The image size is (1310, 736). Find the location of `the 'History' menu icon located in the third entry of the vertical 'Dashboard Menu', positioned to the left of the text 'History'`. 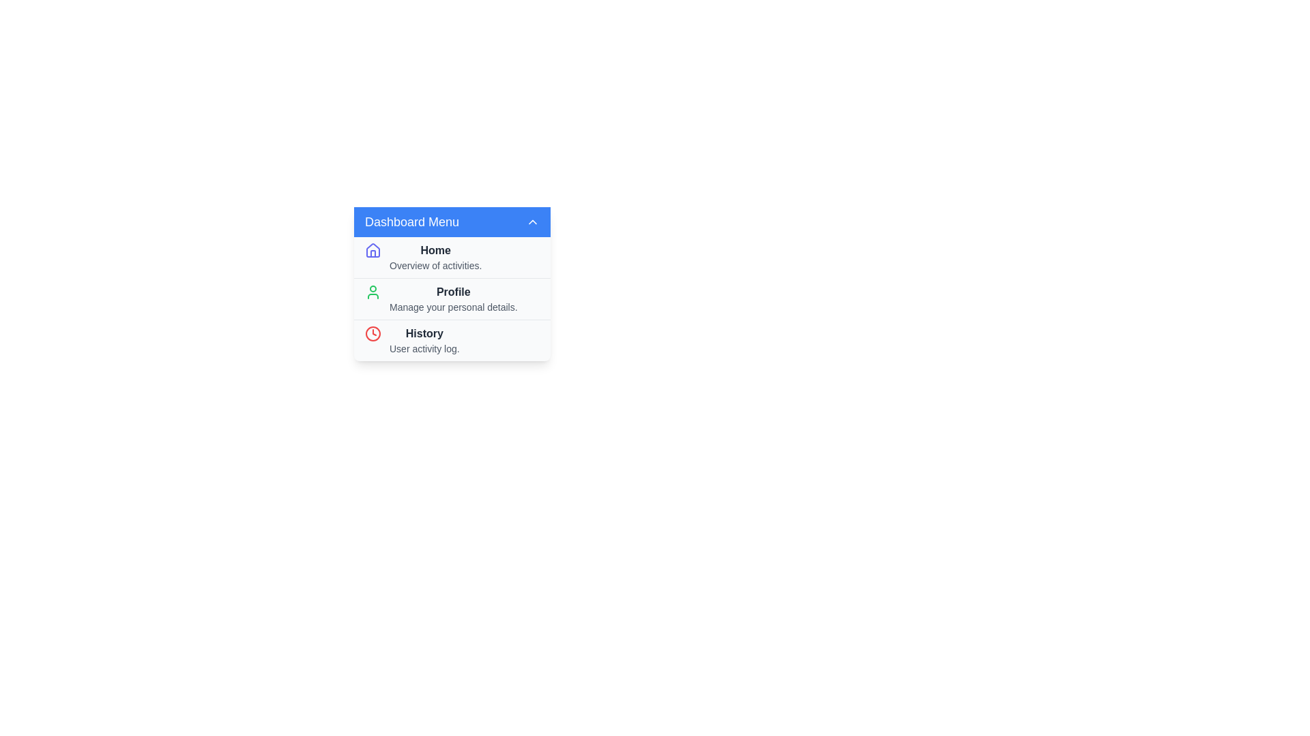

the 'History' menu icon located in the third entry of the vertical 'Dashboard Menu', positioned to the left of the text 'History' is located at coordinates (373, 333).